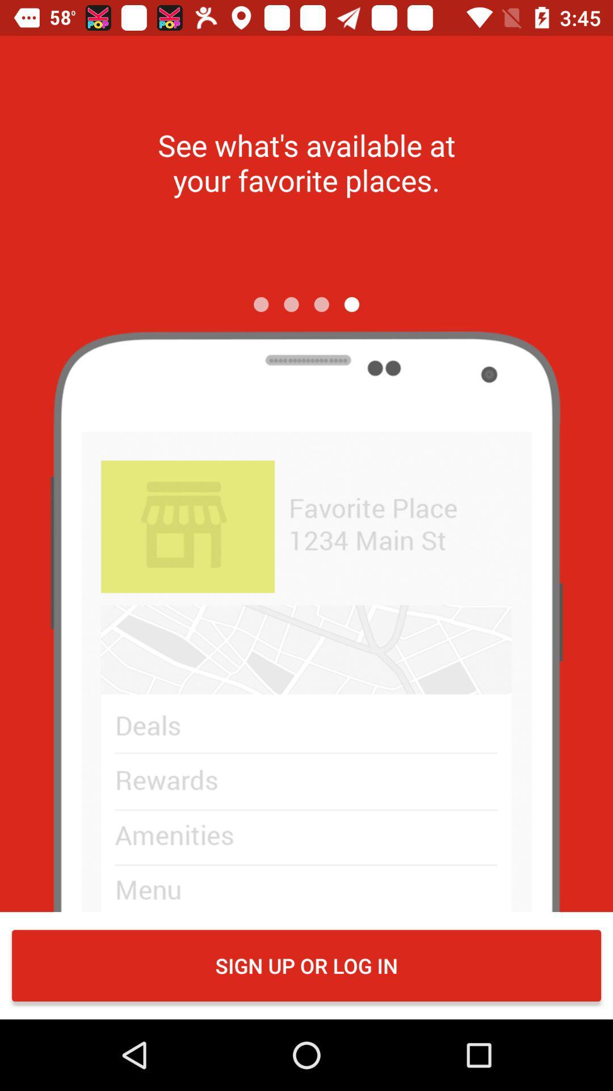 The image size is (613, 1091). I want to click on sign up or, so click(306, 965).